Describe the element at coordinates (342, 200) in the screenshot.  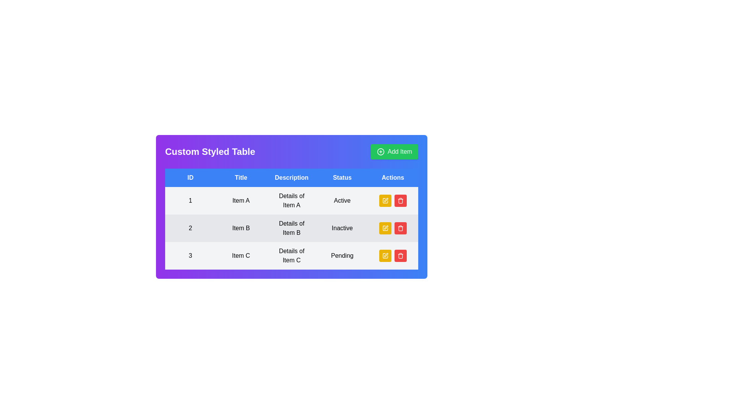
I see `the non-interactive status label in the fourth cell of the first row of the table, which indicates that the item is currently active` at that location.